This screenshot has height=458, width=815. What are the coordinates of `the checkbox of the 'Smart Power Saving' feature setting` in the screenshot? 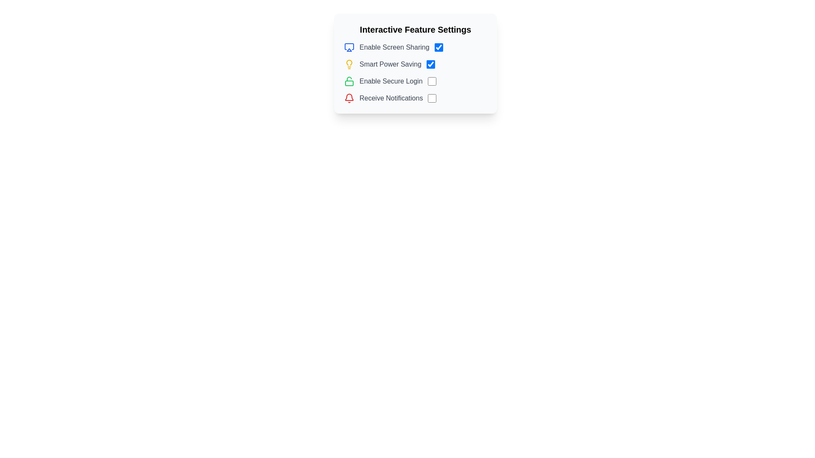 It's located at (416, 64).